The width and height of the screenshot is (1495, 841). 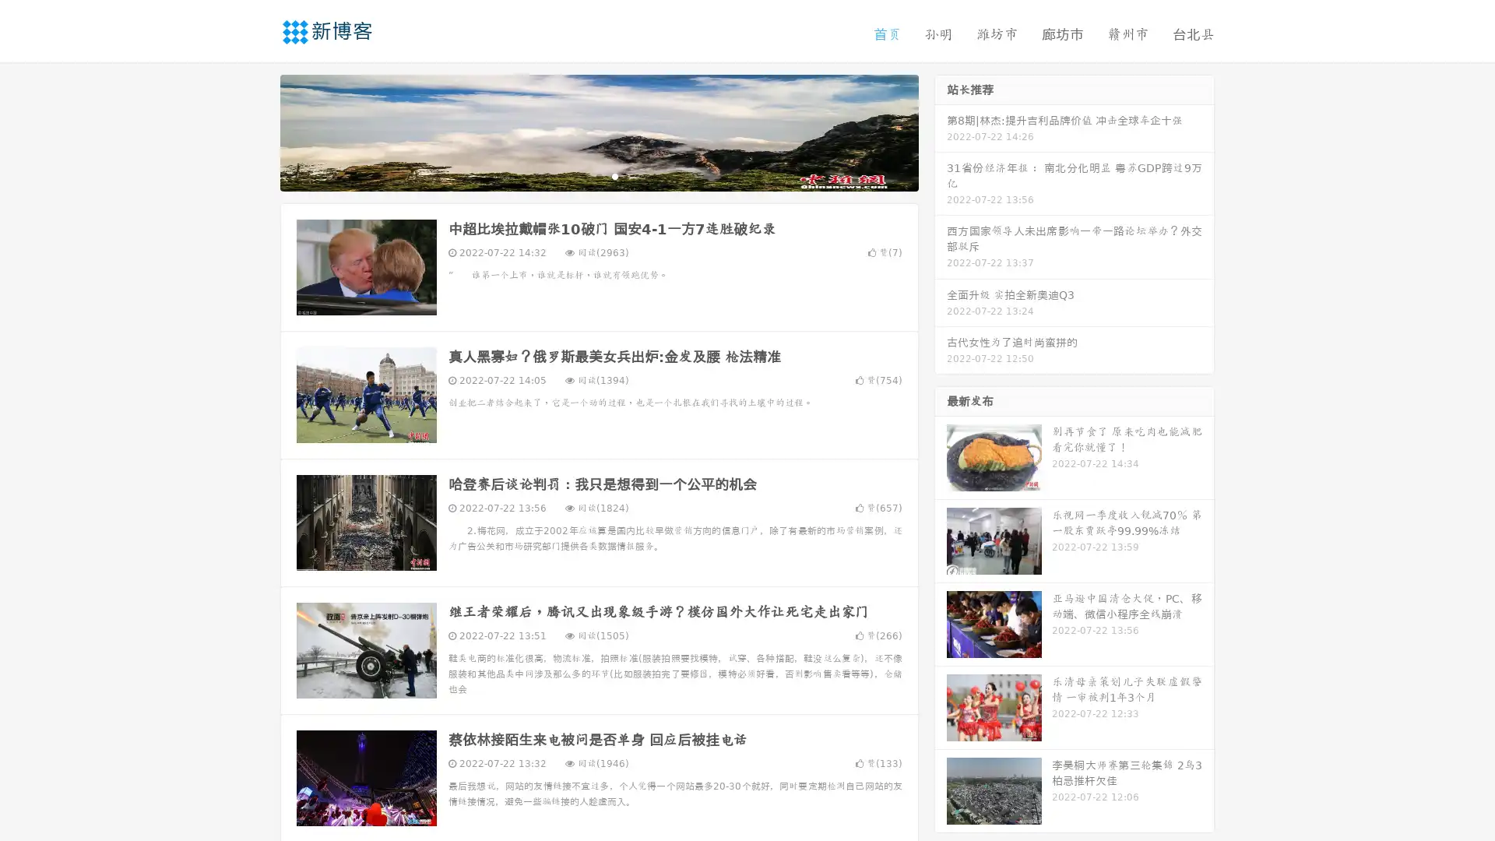 What do you see at coordinates (941, 131) in the screenshot?
I see `Next slide` at bounding box center [941, 131].